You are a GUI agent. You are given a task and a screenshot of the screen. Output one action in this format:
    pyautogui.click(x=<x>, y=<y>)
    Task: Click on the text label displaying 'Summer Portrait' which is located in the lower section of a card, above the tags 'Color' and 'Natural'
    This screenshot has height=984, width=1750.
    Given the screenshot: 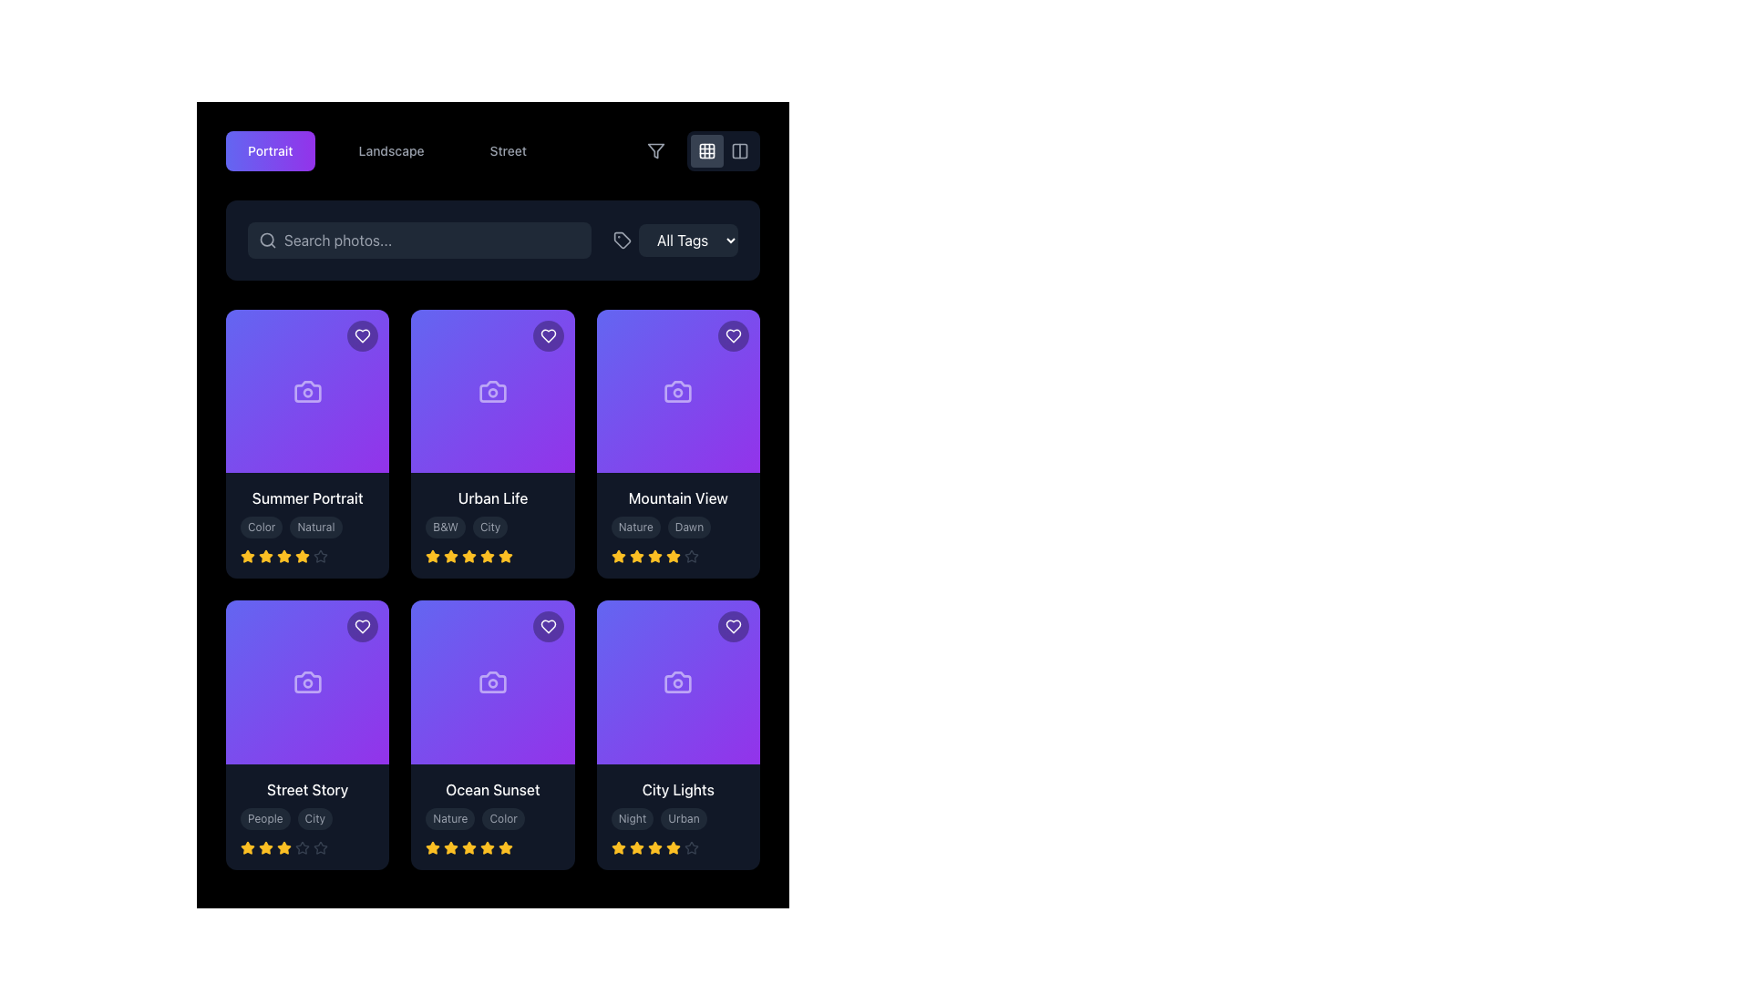 What is the action you would take?
    pyautogui.click(x=307, y=498)
    